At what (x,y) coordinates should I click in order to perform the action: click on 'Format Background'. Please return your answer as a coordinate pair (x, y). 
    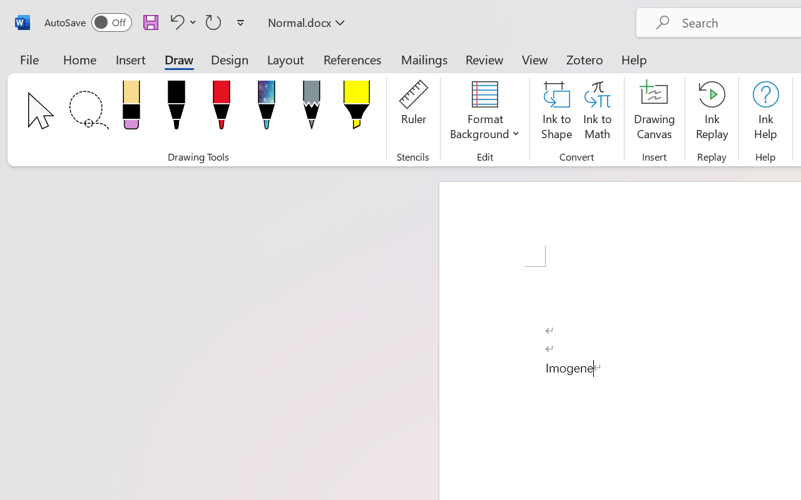
    Looking at the image, I should click on (484, 112).